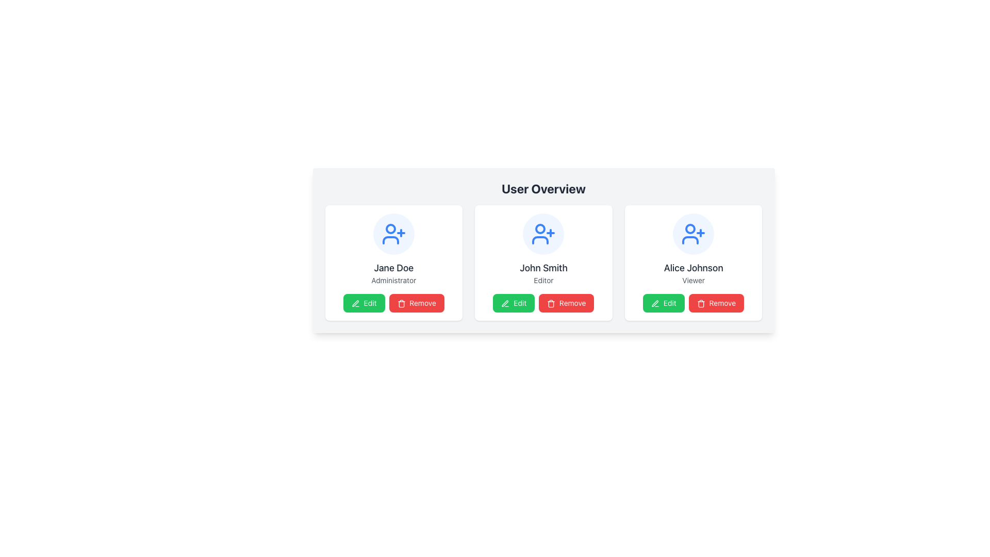  Describe the element at coordinates (694, 268) in the screenshot. I see `the text label displaying the name 'Alice Johnson' which is located in the rightmost card of a three-card horizontal layout, positioned above the subtitle 'Viewer' and below a user avatar` at that location.